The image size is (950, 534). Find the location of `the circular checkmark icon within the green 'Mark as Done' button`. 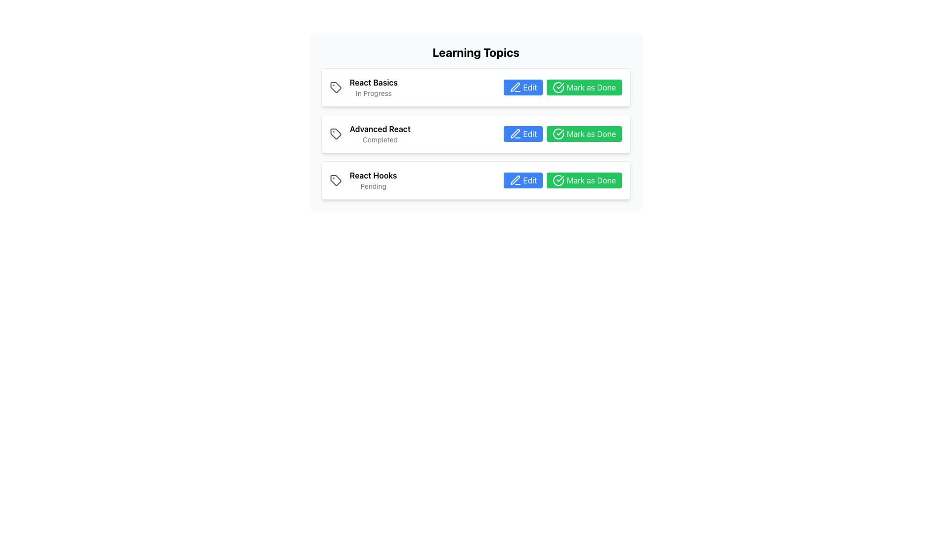

the circular checkmark icon within the green 'Mark as Done' button is located at coordinates (559, 133).